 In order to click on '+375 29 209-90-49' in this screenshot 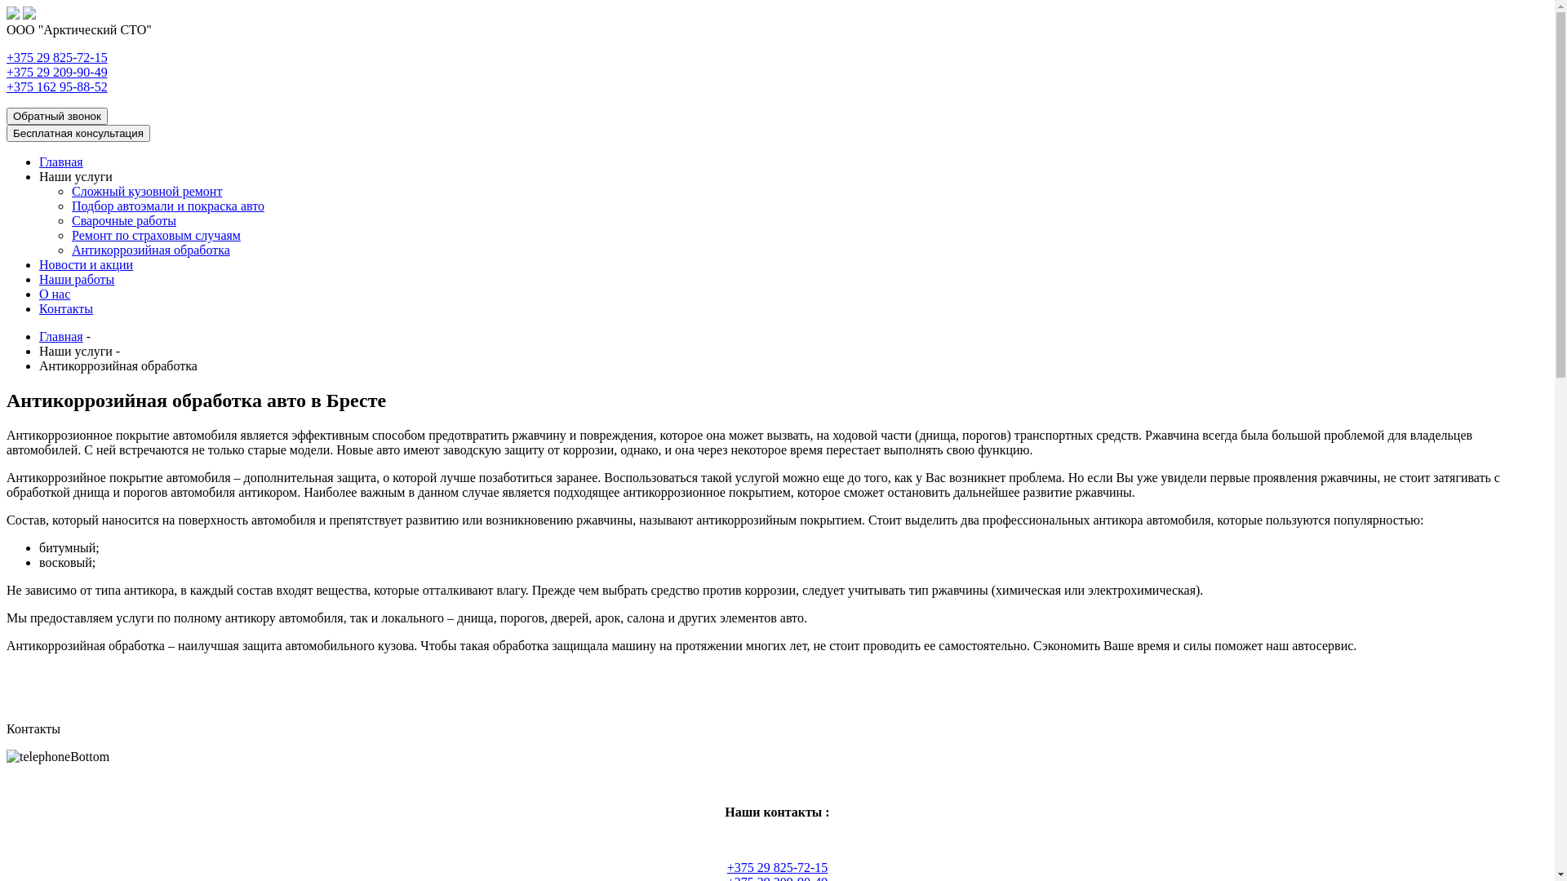, I will do `click(57, 71)`.